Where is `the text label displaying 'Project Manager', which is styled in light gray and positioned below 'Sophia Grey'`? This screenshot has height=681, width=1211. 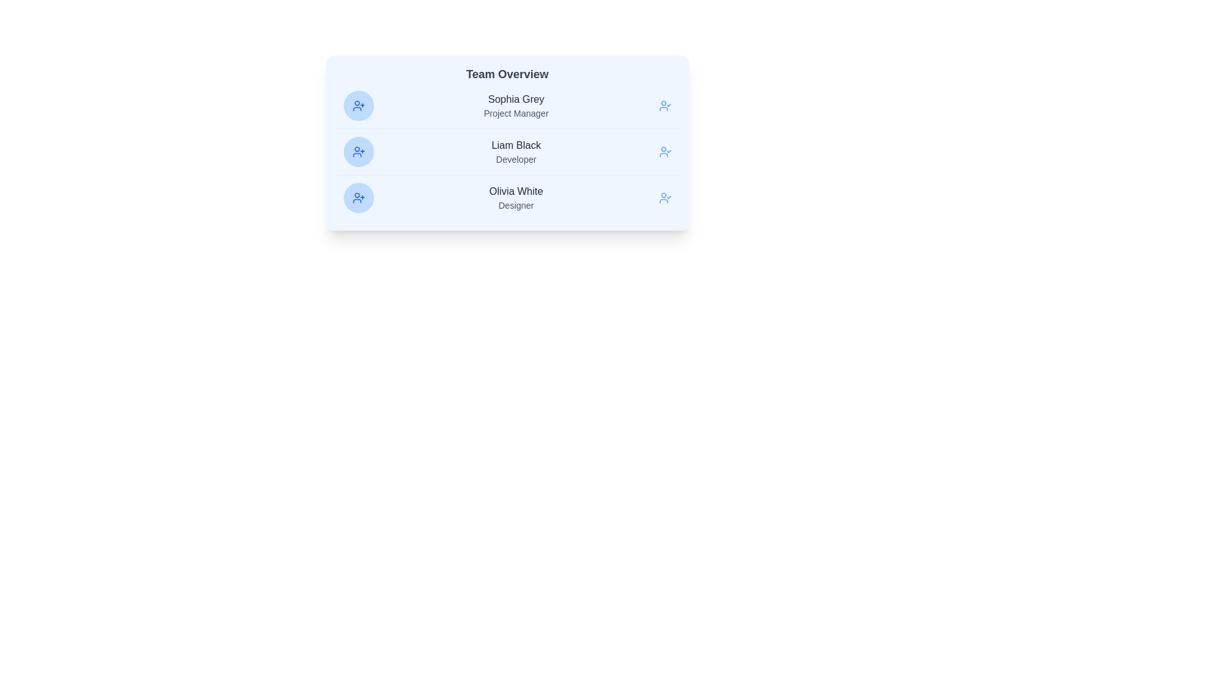 the text label displaying 'Project Manager', which is styled in light gray and positioned below 'Sophia Grey' is located at coordinates (516, 113).